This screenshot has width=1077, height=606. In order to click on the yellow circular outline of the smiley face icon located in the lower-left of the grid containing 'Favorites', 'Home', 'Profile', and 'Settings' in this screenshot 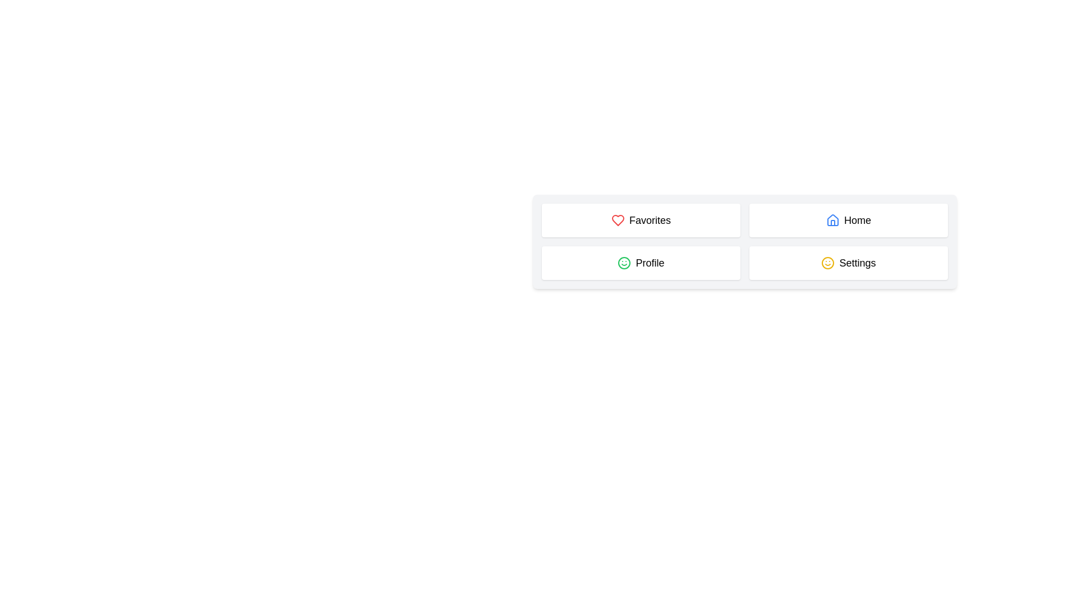, I will do `click(828, 263)`.